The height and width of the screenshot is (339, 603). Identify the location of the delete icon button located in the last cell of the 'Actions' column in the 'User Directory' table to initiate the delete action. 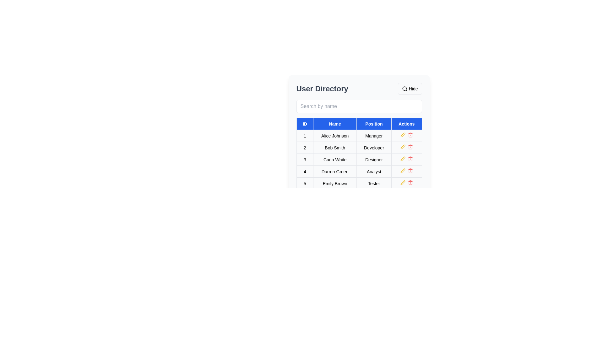
(406, 183).